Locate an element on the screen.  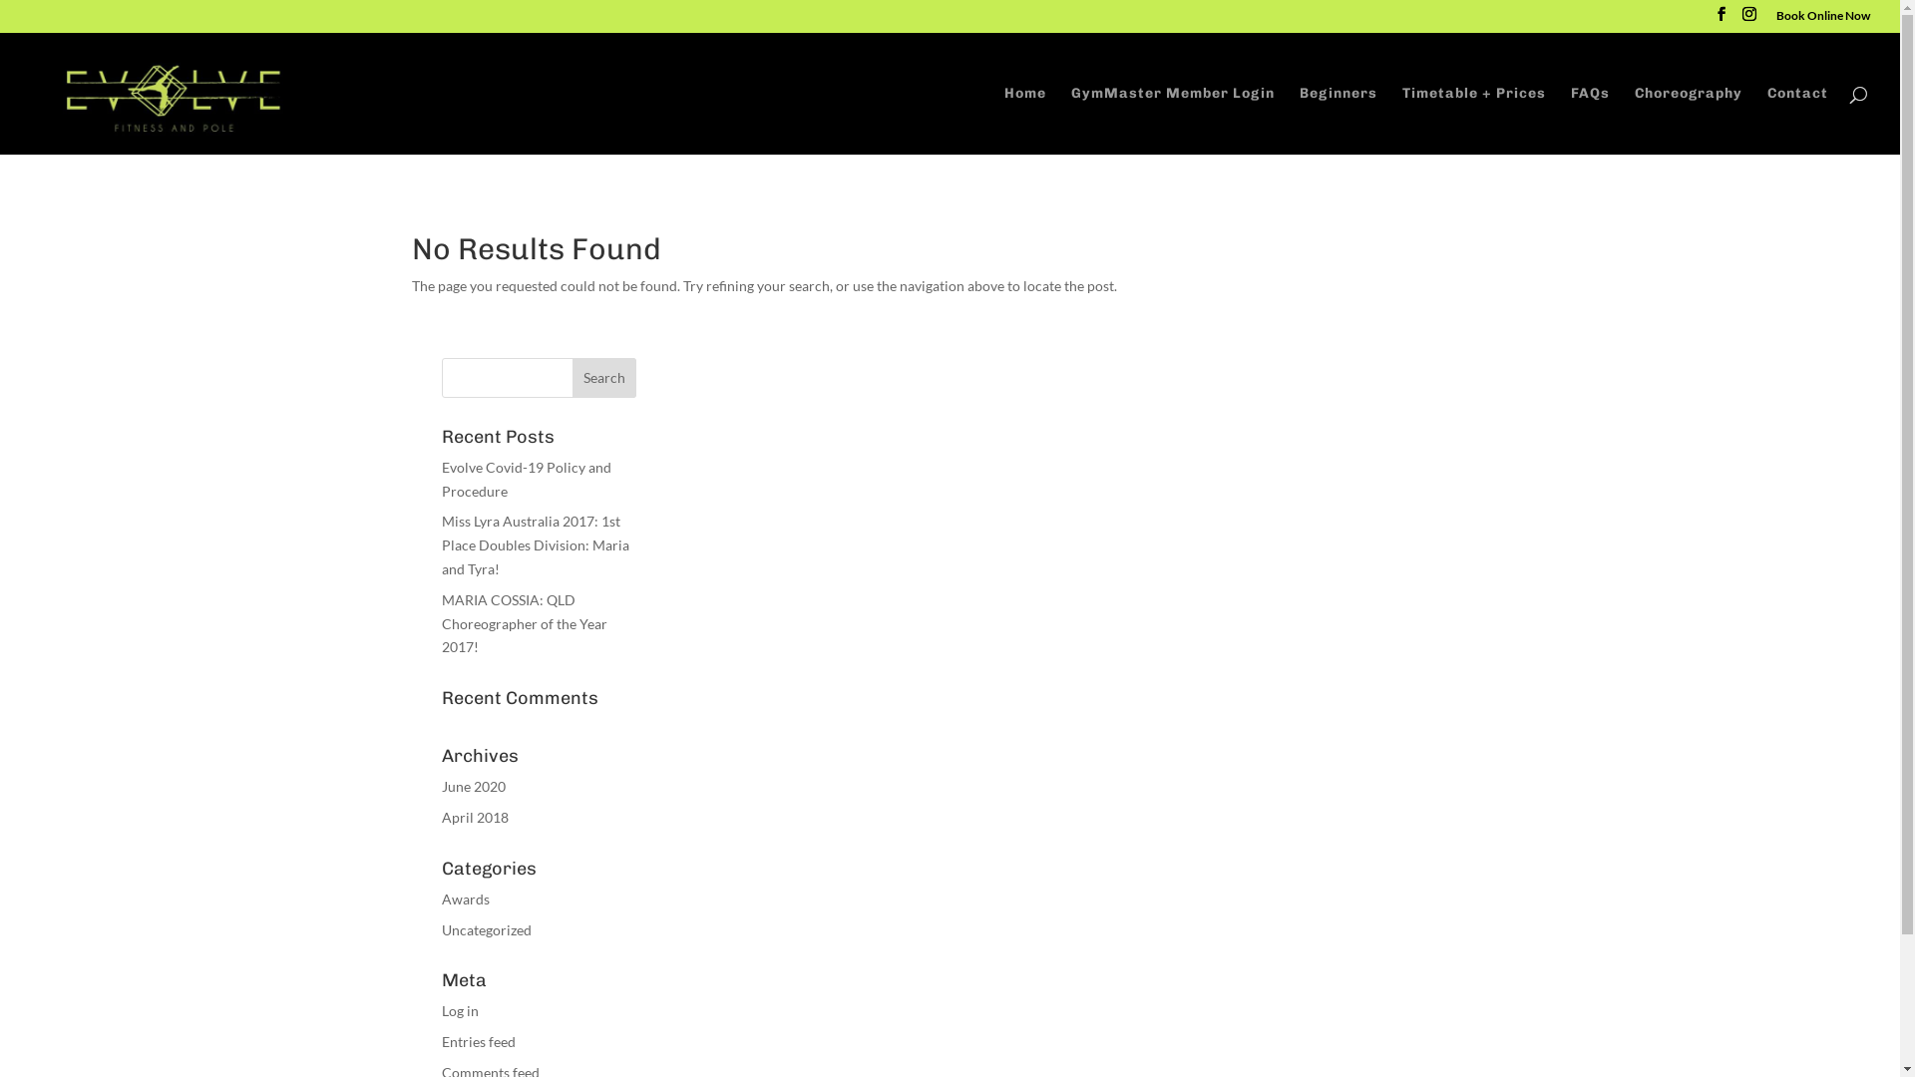
'Beginners' is located at coordinates (1339, 119).